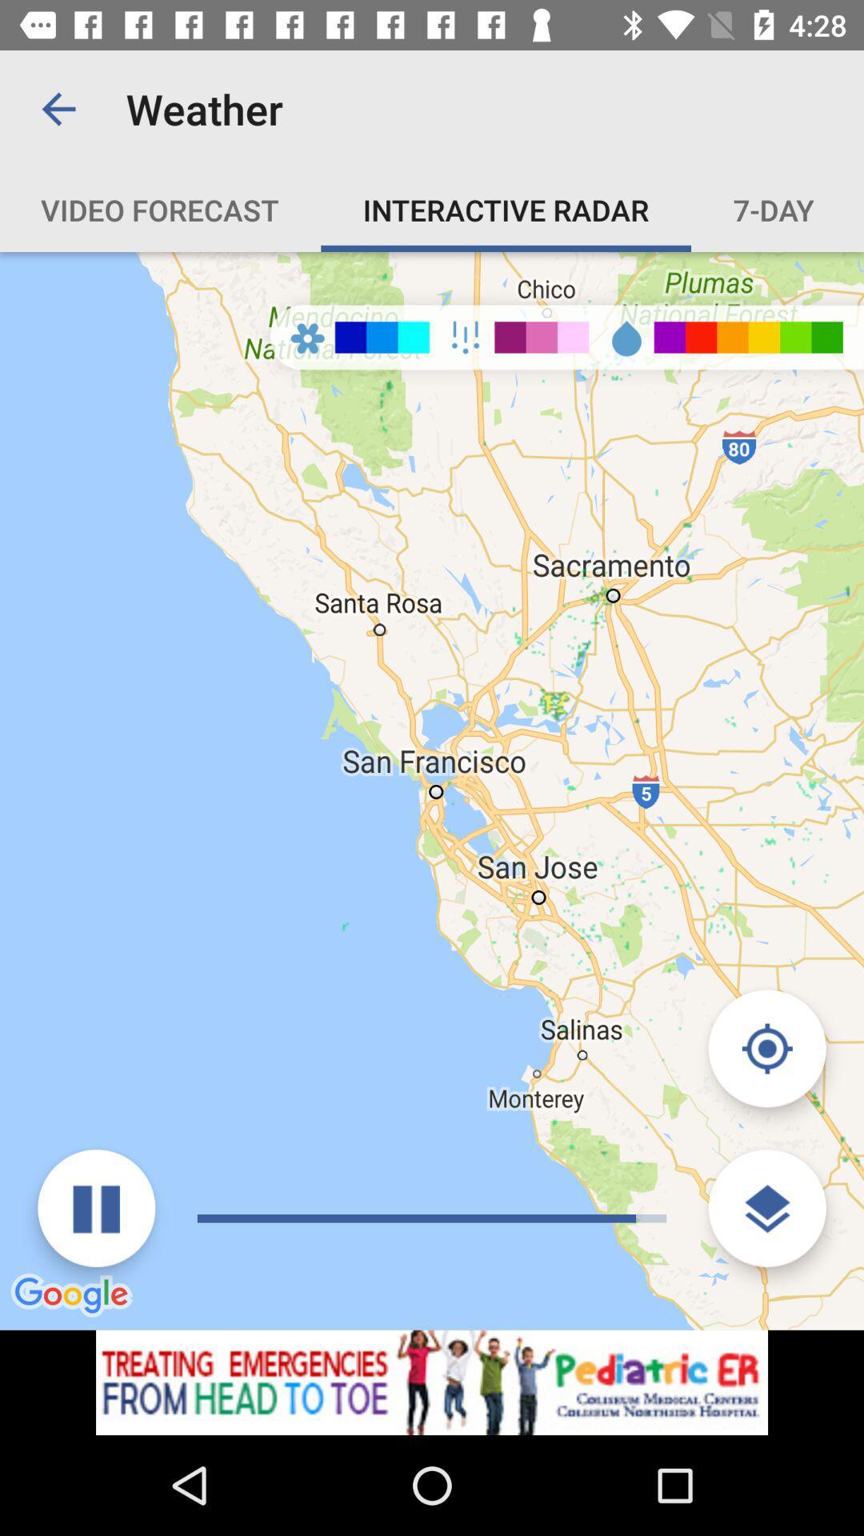  What do you see at coordinates (766, 1208) in the screenshot?
I see `landscape option` at bounding box center [766, 1208].